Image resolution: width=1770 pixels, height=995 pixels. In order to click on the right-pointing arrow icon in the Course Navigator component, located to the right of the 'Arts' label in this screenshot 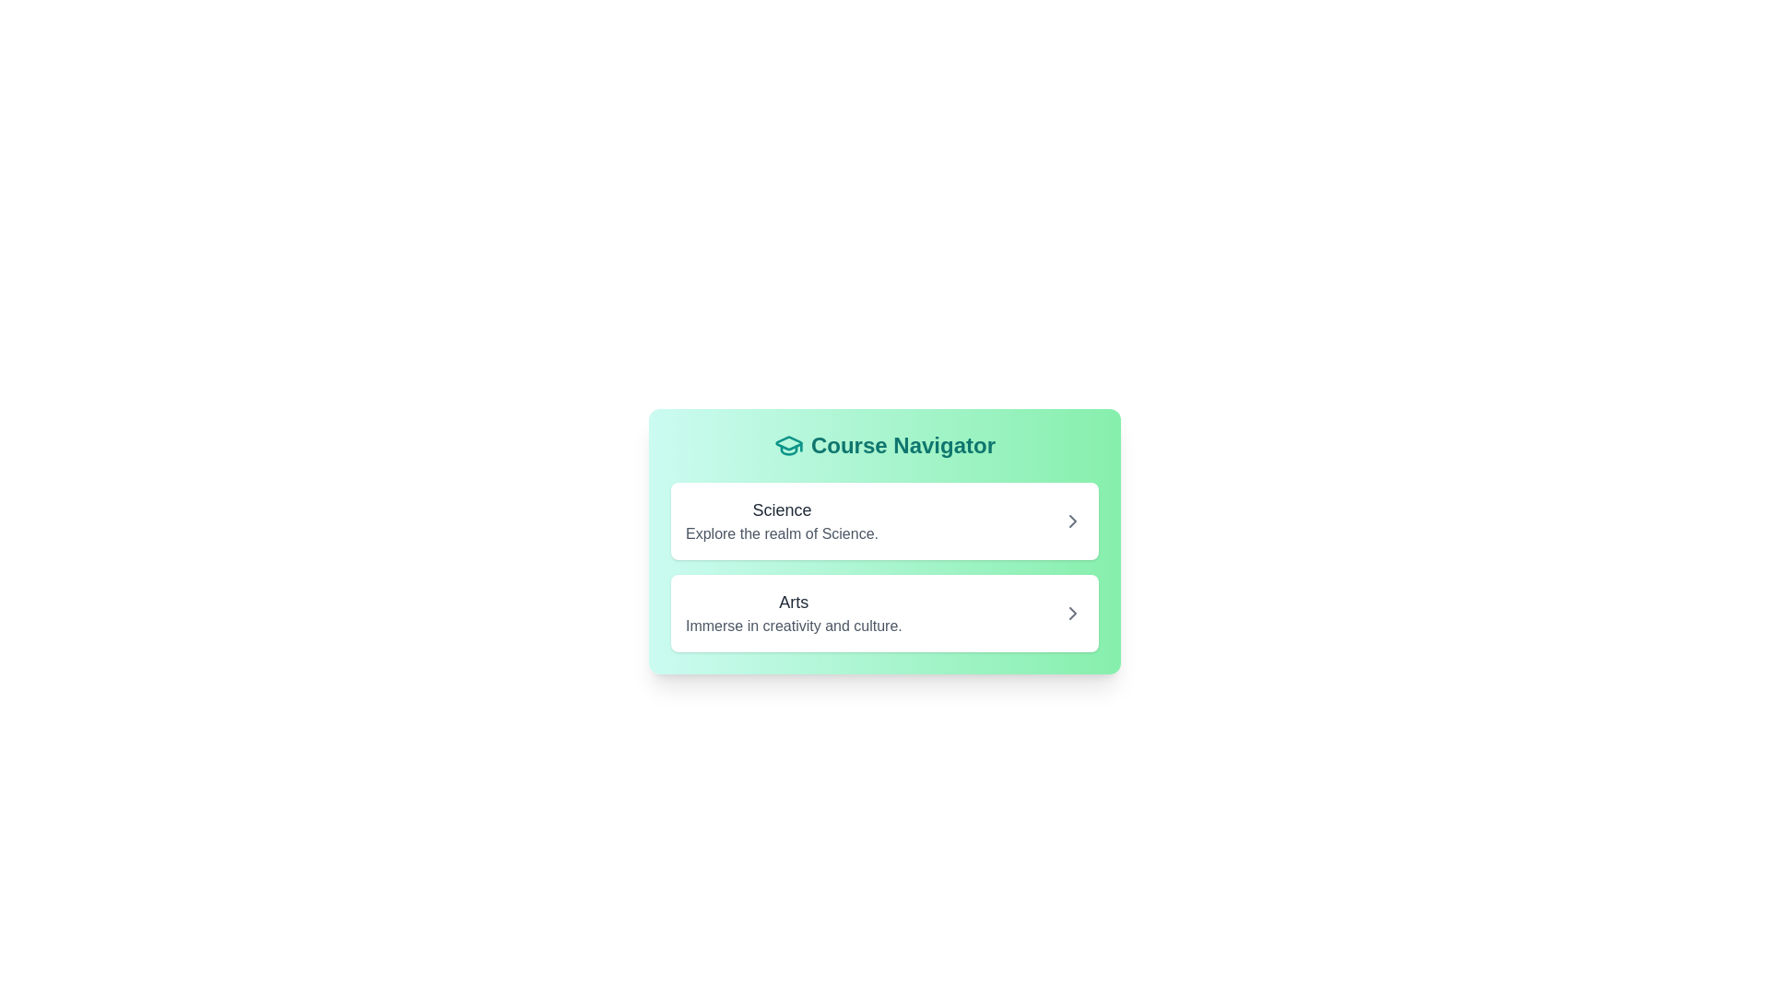, I will do `click(1072, 614)`.